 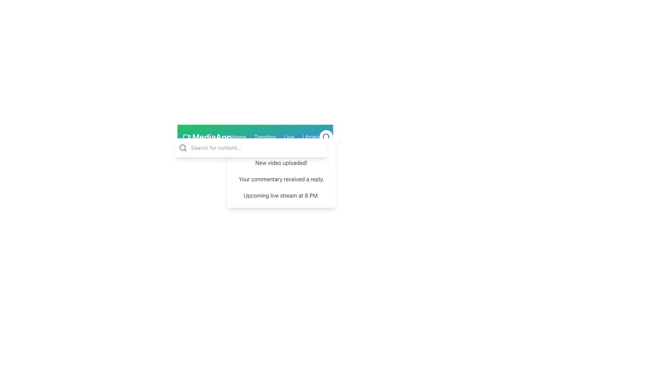 I want to click on the Decorative logo text with an accompanying icon, which serves as the branding logo for the application and may redirect to the main page, so click(x=207, y=137).